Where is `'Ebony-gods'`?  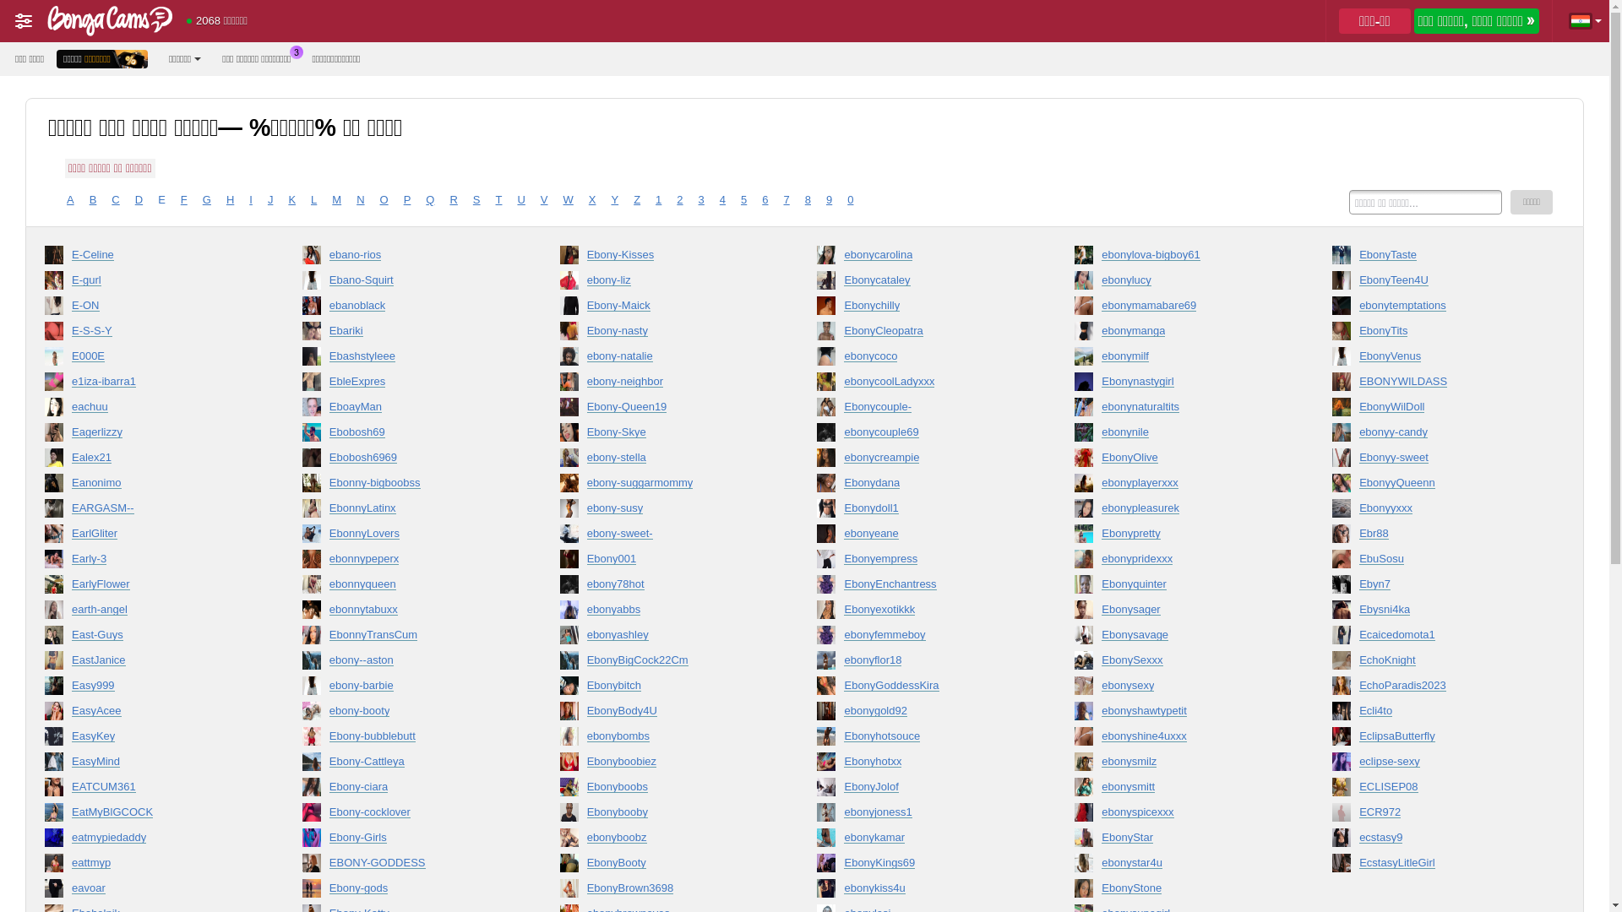
'Ebony-gods' is located at coordinates (406, 891).